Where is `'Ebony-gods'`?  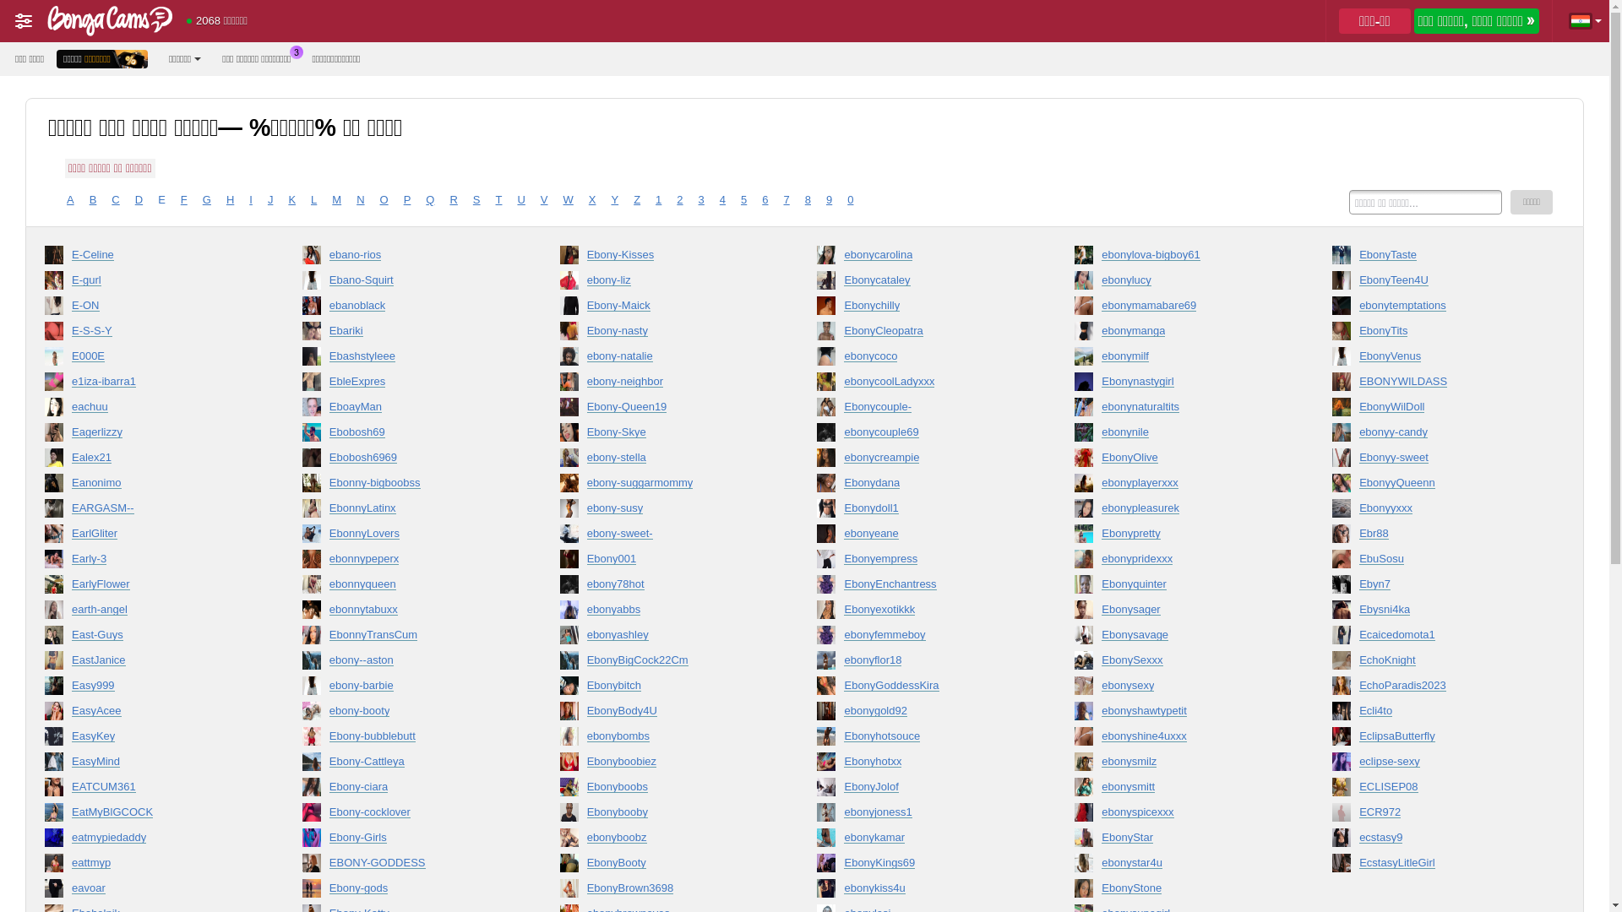
'Ebony-gods' is located at coordinates (406, 891).